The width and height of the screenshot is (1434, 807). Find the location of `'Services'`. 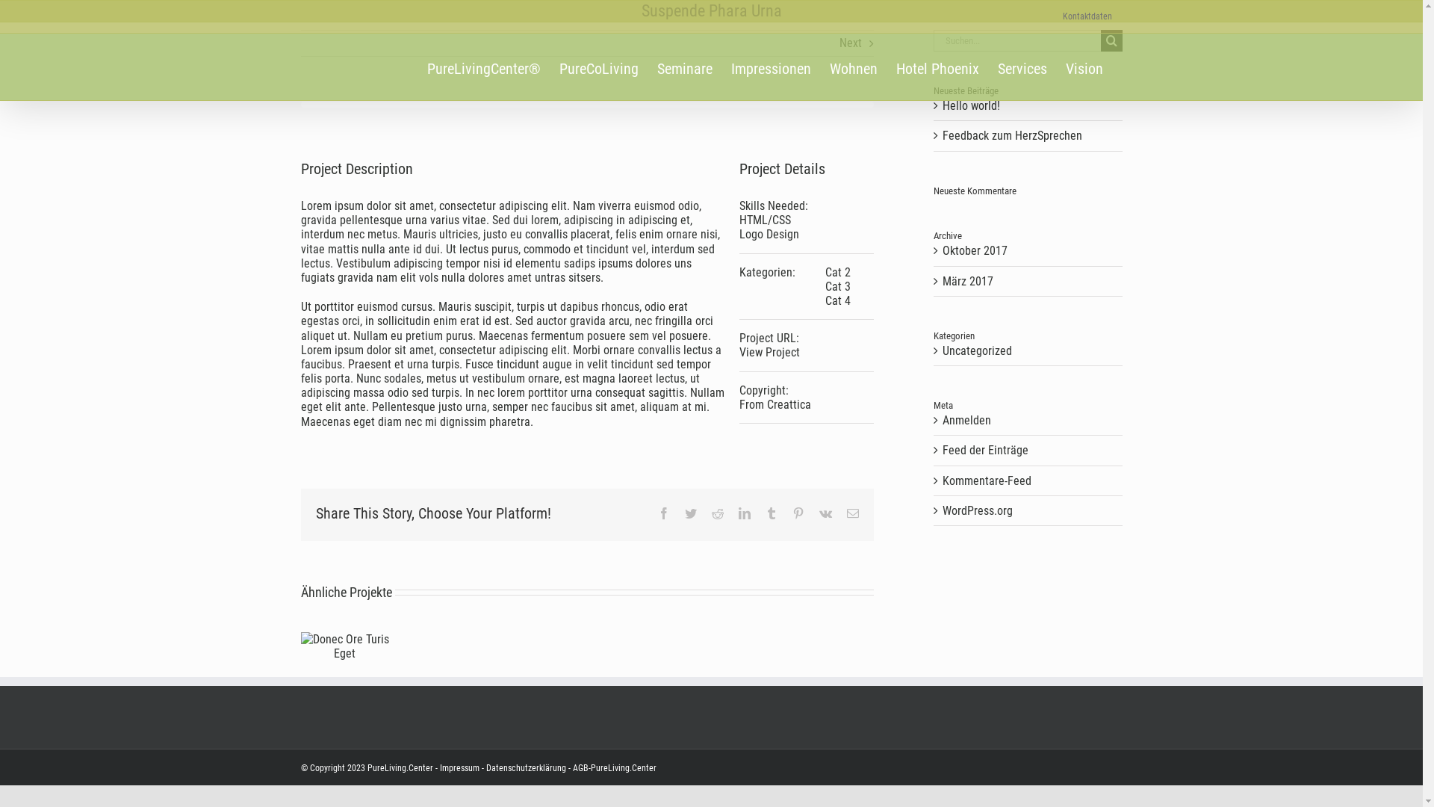

'Services' is located at coordinates (1021, 66).